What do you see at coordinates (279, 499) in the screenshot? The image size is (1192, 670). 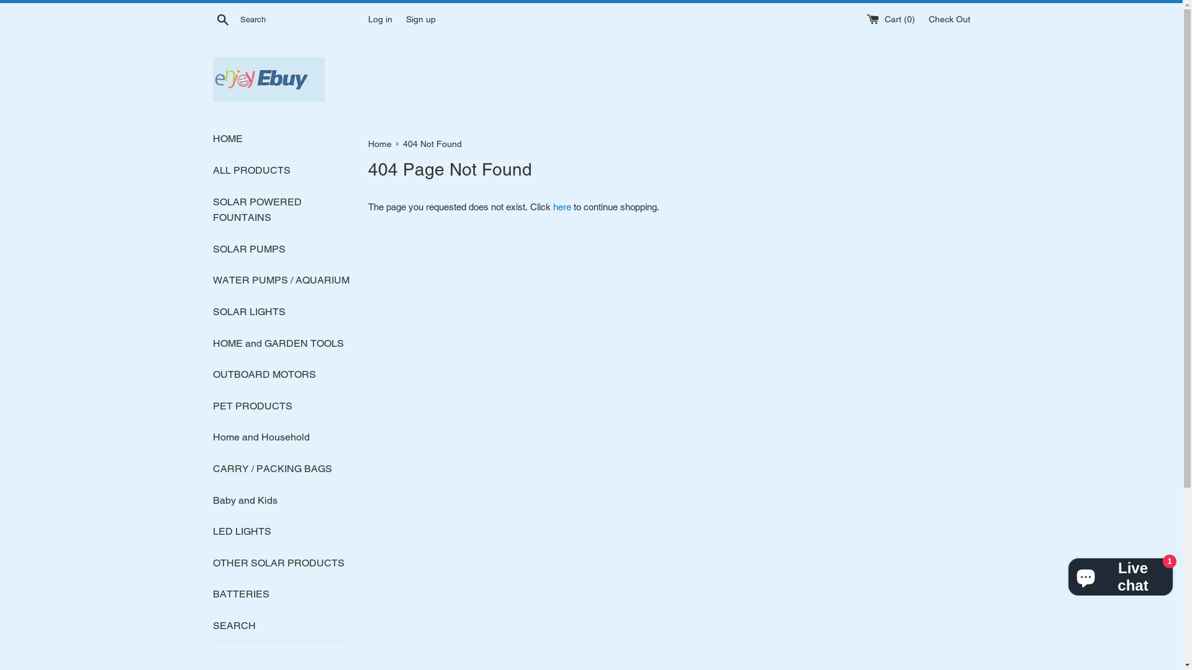 I see `'Baby and Kids'` at bounding box center [279, 499].